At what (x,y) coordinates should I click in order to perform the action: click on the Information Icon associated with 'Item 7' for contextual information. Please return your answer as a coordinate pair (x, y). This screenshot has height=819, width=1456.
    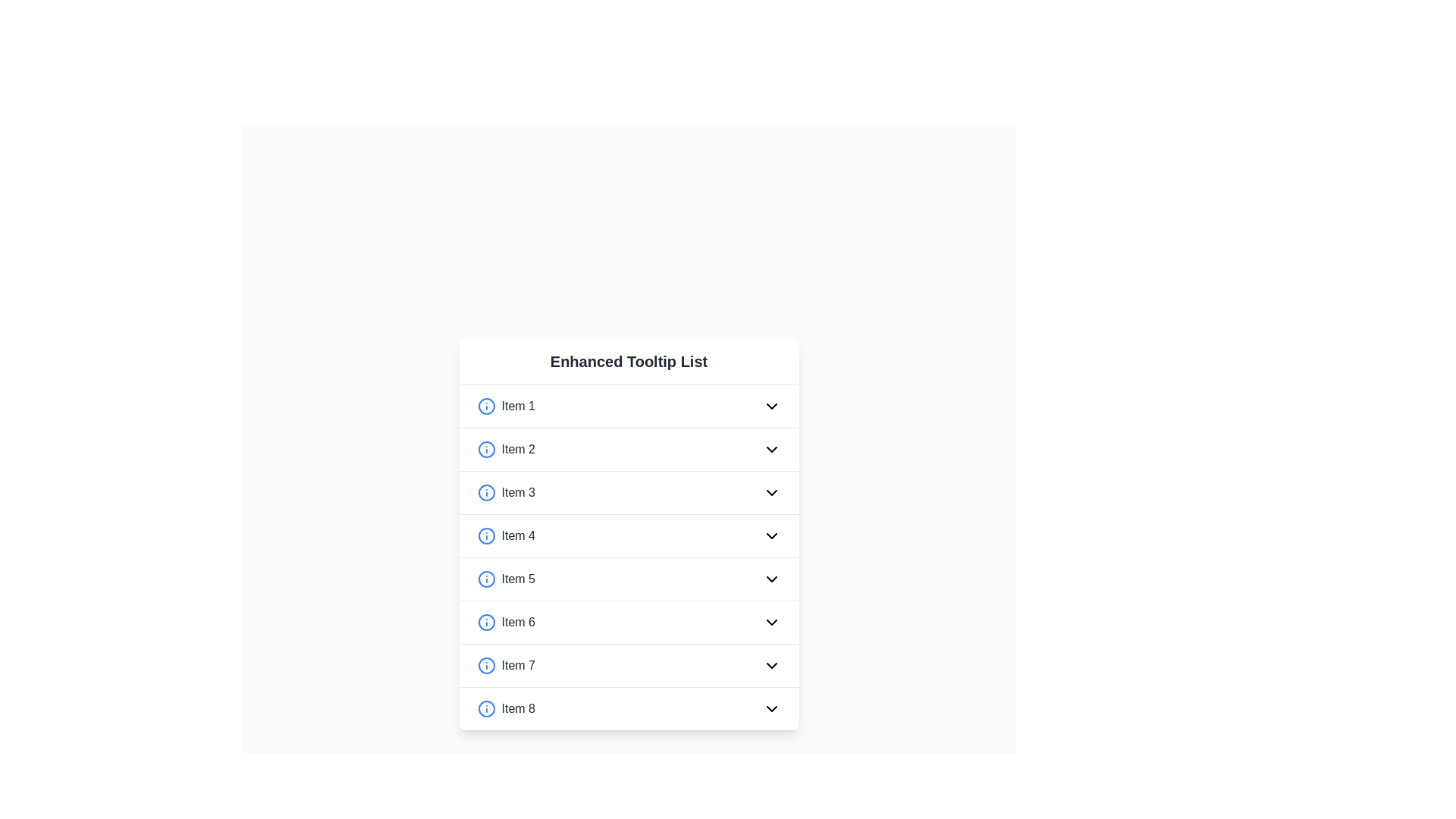
    Looking at the image, I should click on (486, 665).